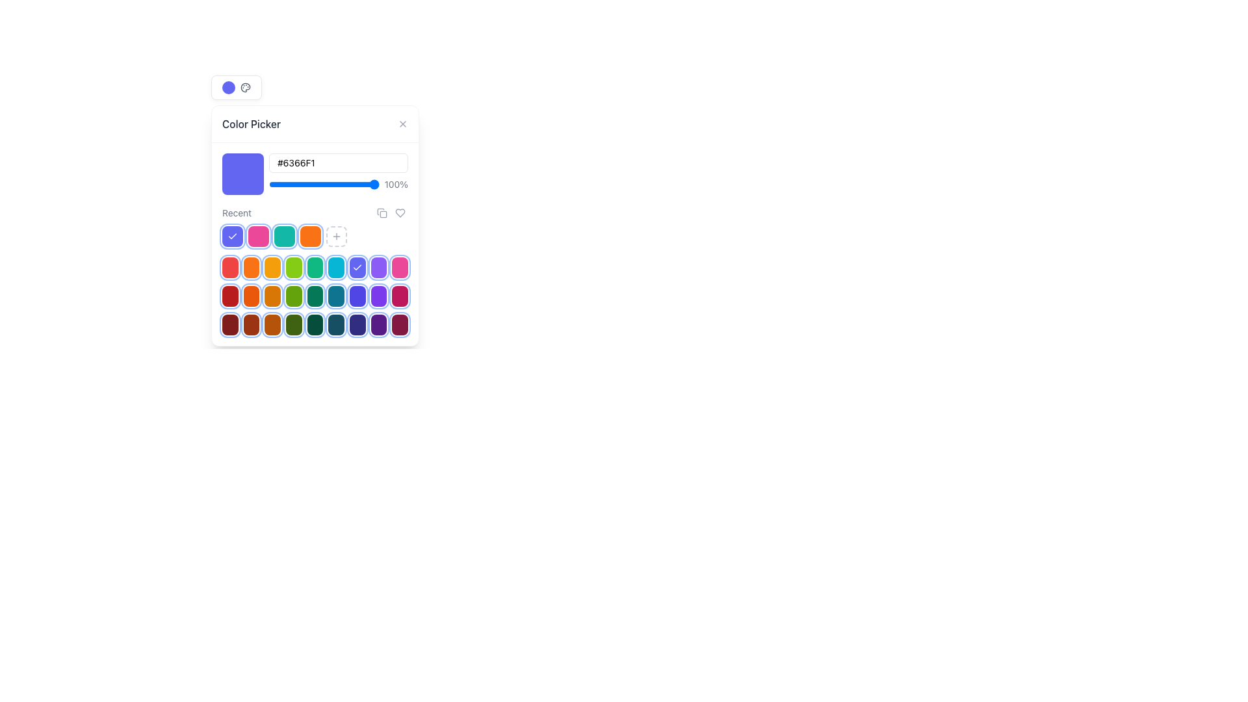  What do you see at coordinates (293, 296) in the screenshot?
I see `the small square button with rounded corners and a green fill located in the 'Recent' section of the color picker, specifically the fourth square from the left in the second row` at bounding box center [293, 296].